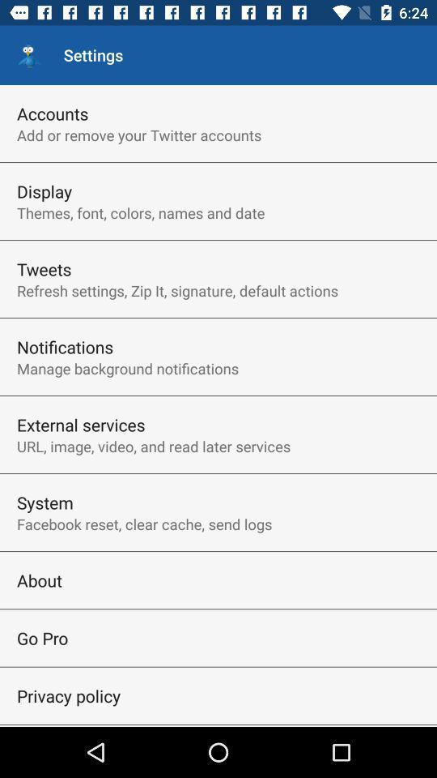  What do you see at coordinates (80, 424) in the screenshot?
I see `the external services icon` at bounding box center [80, 424].